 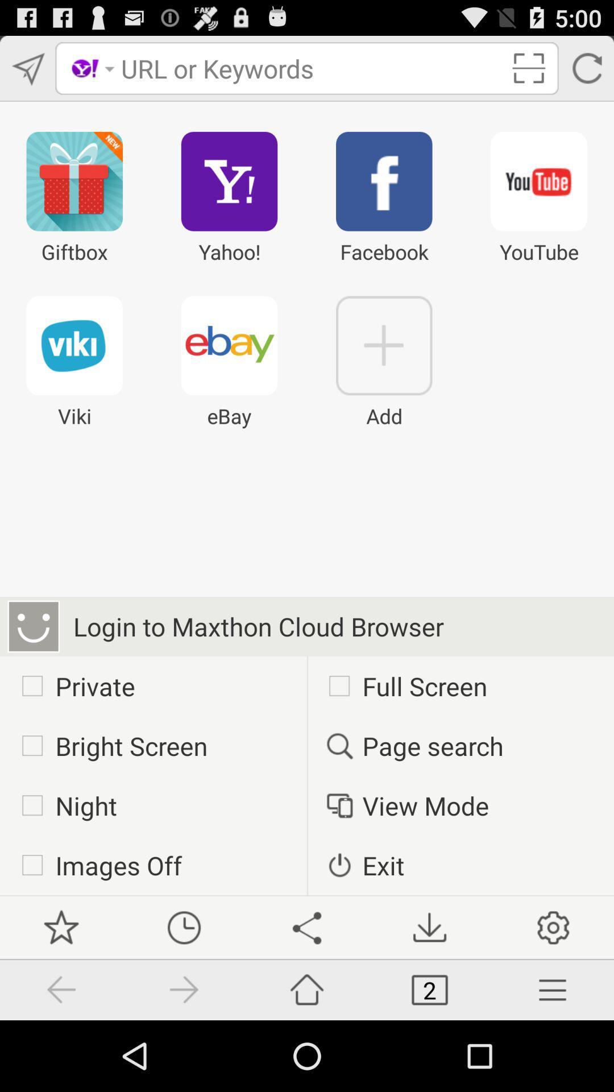 What do you see at coordinates (311, 68) in the screenshot?
I see `type in url or search` at bounding box center [311, 68].